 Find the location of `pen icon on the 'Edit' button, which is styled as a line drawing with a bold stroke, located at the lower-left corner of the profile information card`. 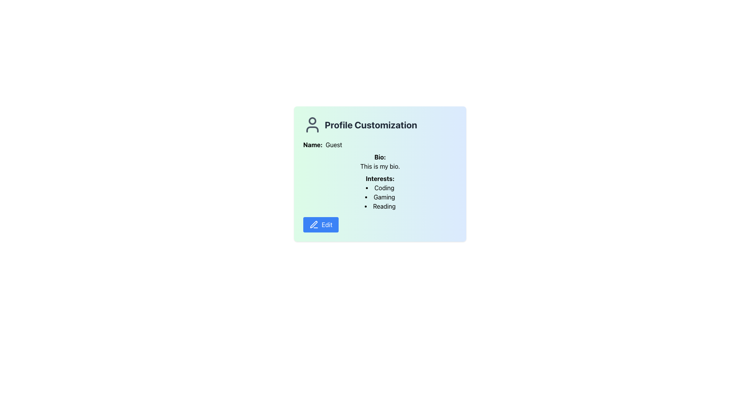

pen icon on the 'Edit' button, which is styled as a line drawing with a bold stroke, located at the lower-left corner of the profile information card is located at coordinates (314, 225).